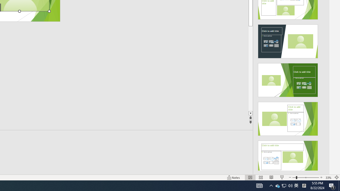 The height and width of the screenshot is (191, 340). Describe the element at coordinates (288, 155) in the screenshot. I see `'Design Idea'` at that location.